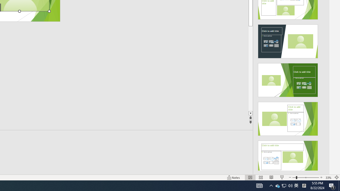 The height and width of the screenshot is (191, 340). Describe the element at coordinates (288, 155) in the screenshot. I see `'Design Idea'` at that location.